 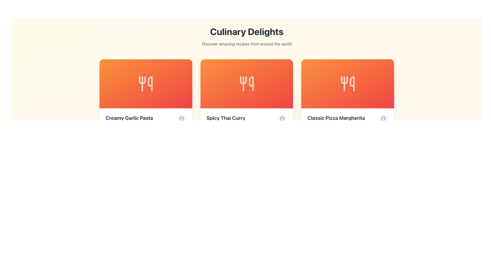 What do you see at coordinates (383, 119) in the screenshot?
I see `the bookmark icon located at the bottom-right corner of the 'Classic Pizza Margherita' card, which visually represents a bookmark or save action` at bounding box center [383, 119].